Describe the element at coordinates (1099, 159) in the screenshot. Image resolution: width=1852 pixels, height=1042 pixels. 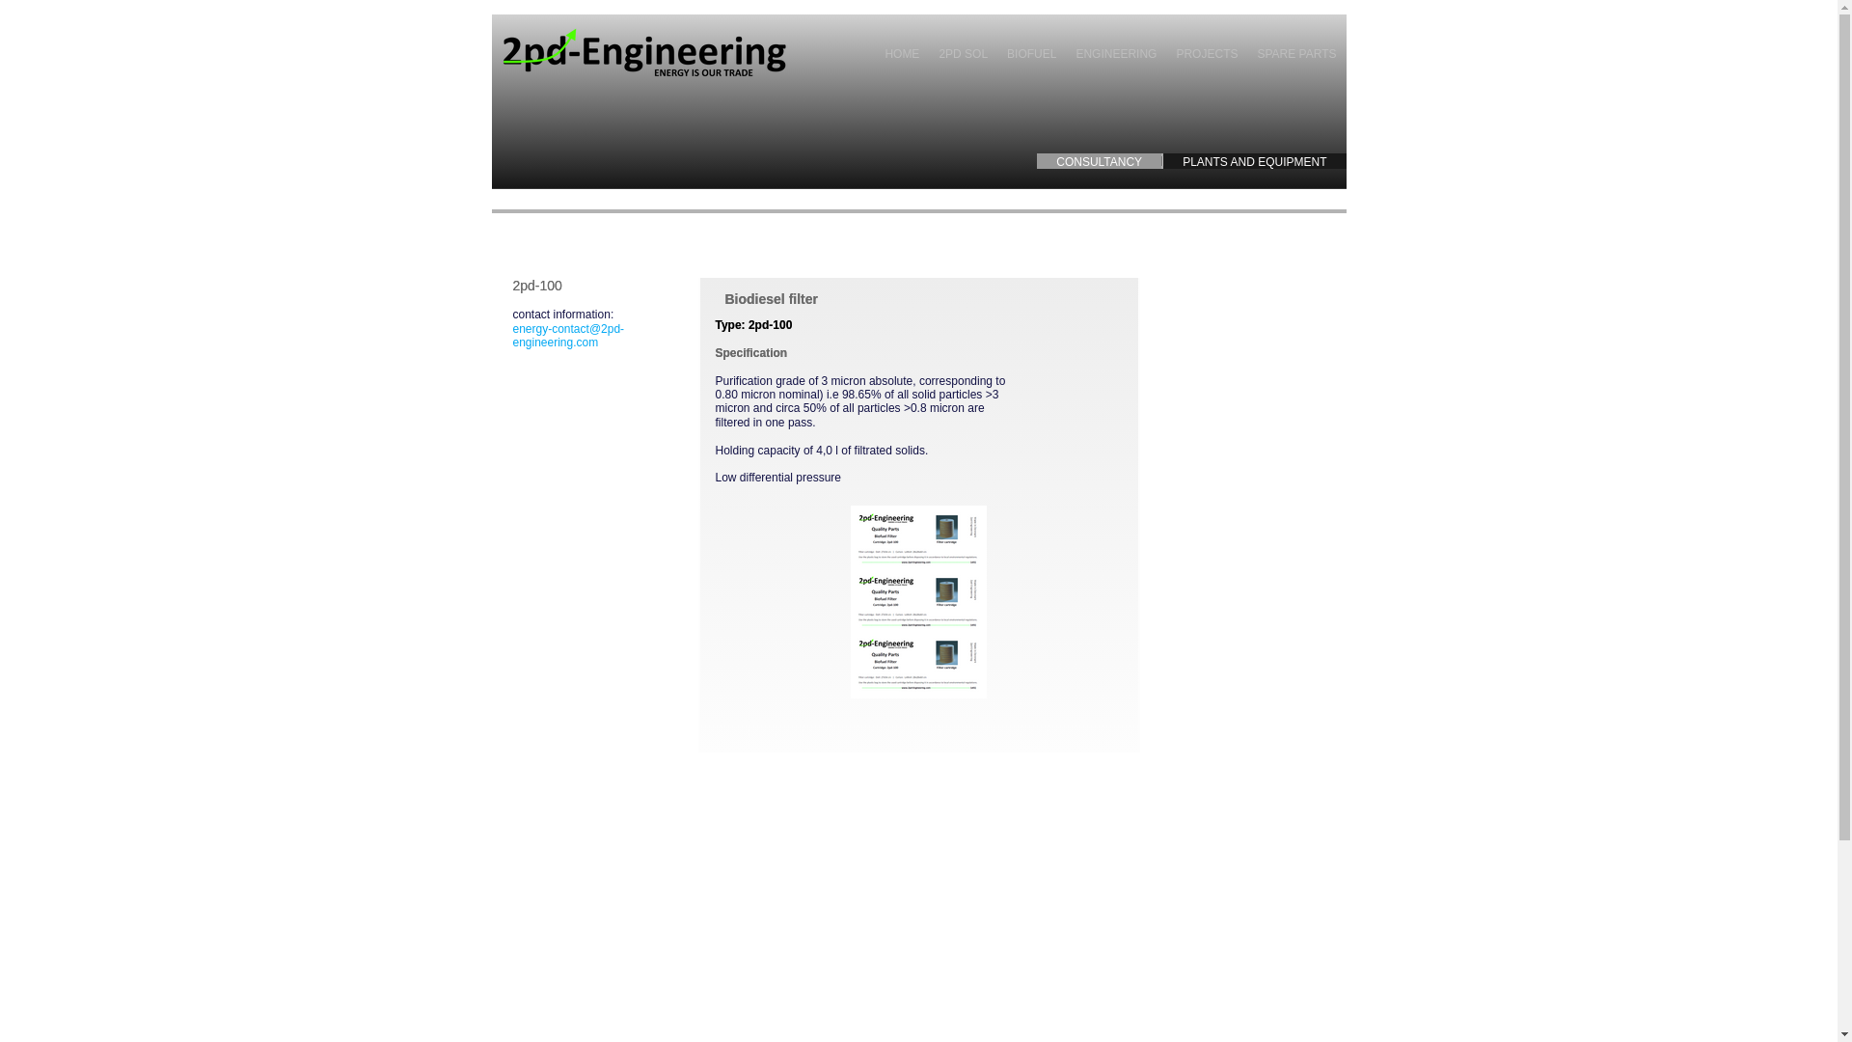
I see `'CONSULTANCY'` at that location.